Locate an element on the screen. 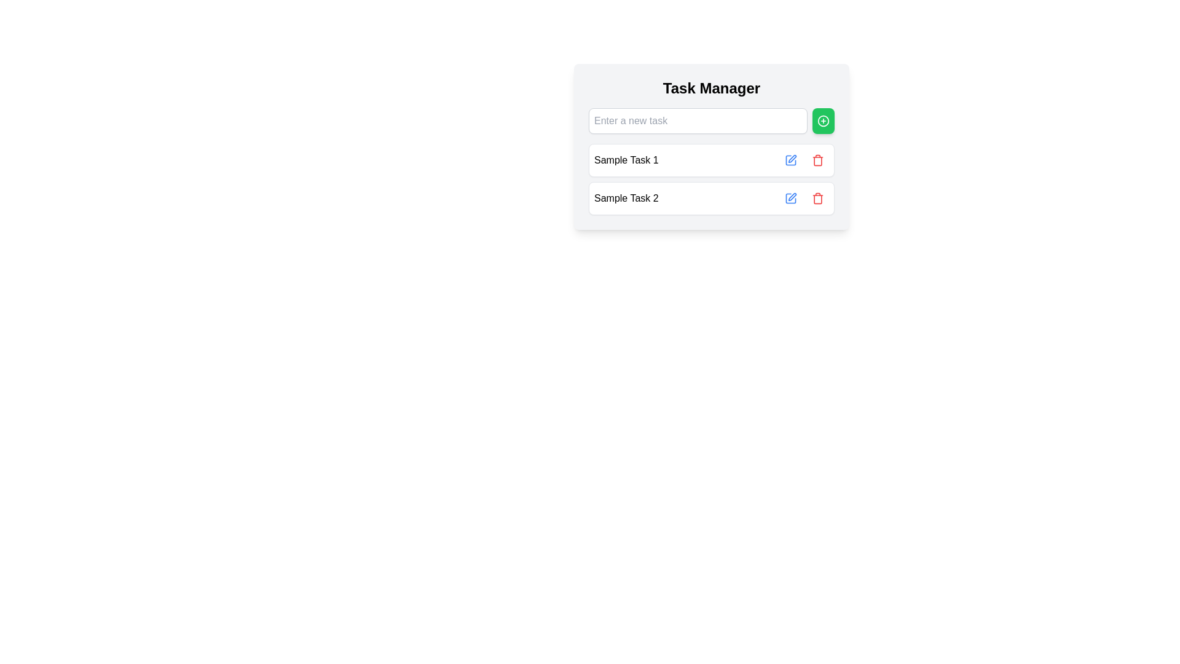  the interactive button that enables editing 'Sample Task 1' to trigger a visual effect is located at coordinates (790, 160).